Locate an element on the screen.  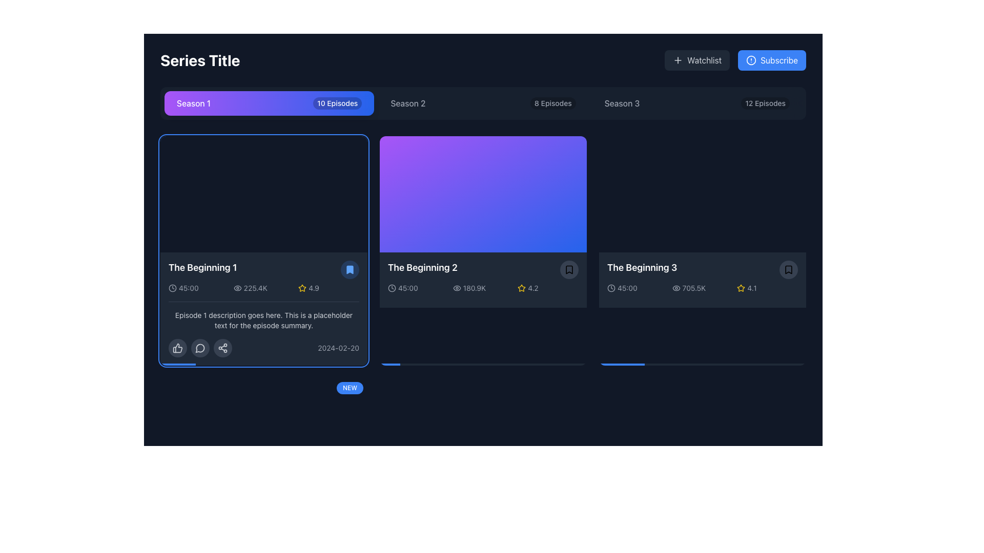
the 'Series Title' text label located at the top-left corner of the interface, which is styled with large, bold white text against a dark background is located at coordinates (200, 60).